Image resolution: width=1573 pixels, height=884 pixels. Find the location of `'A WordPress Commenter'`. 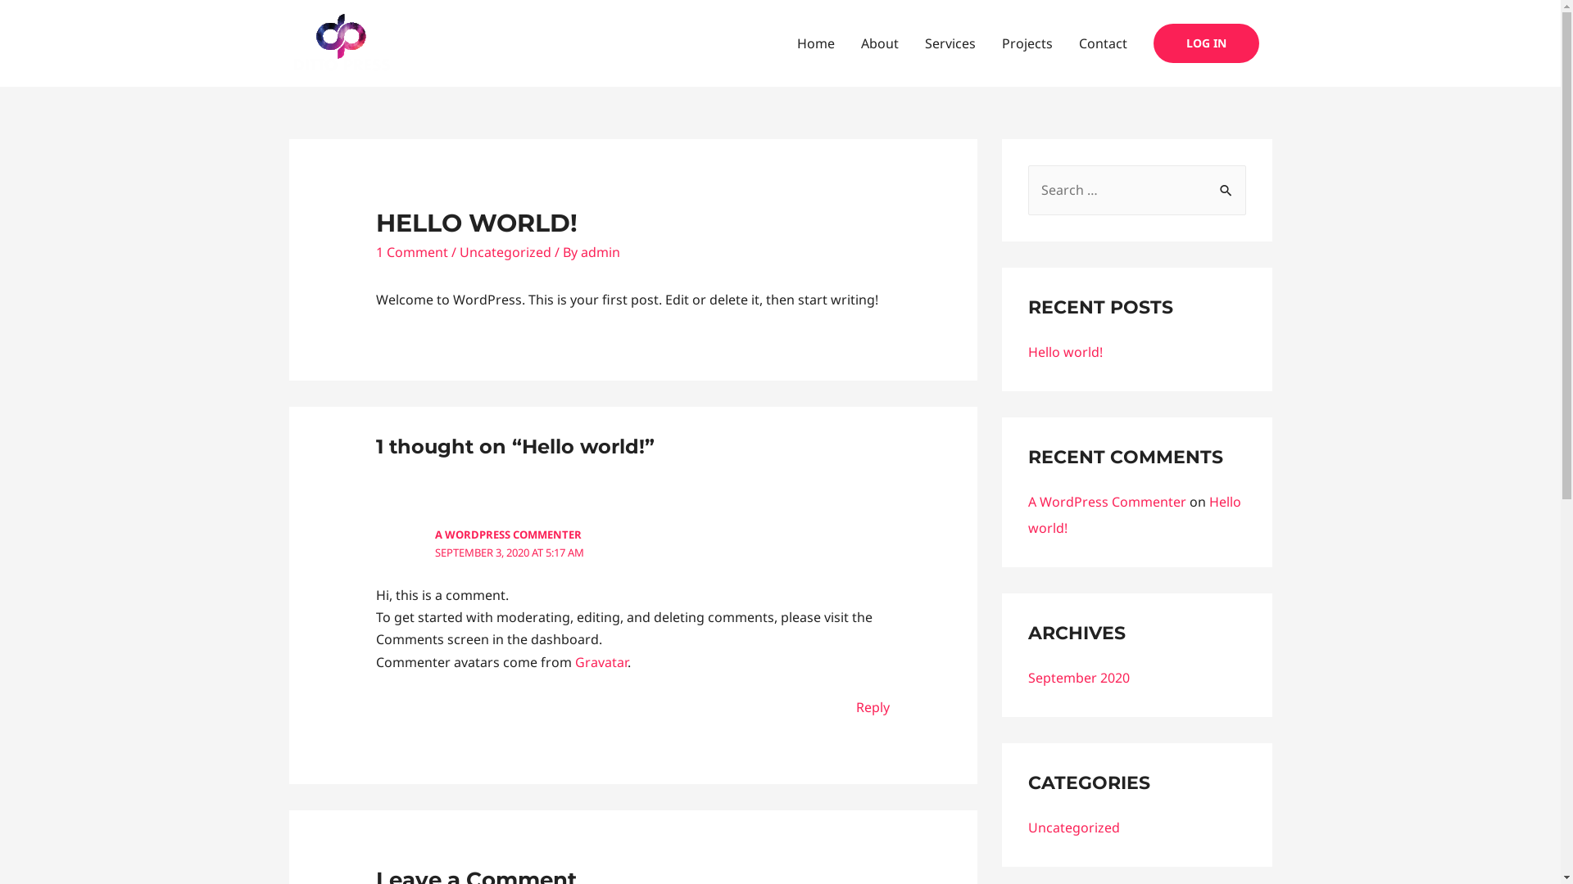

'A WordPress Commenter' is located at coordinates (1026, 501).